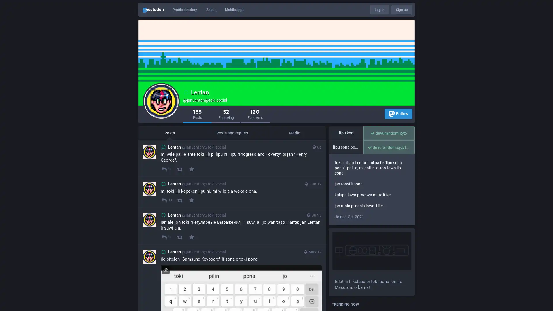 This screenshot has width=553, height=311. What do you see at coordinates (165, 270) in the screenshot?
I see `Hide image` at bounding box center [165, 270].